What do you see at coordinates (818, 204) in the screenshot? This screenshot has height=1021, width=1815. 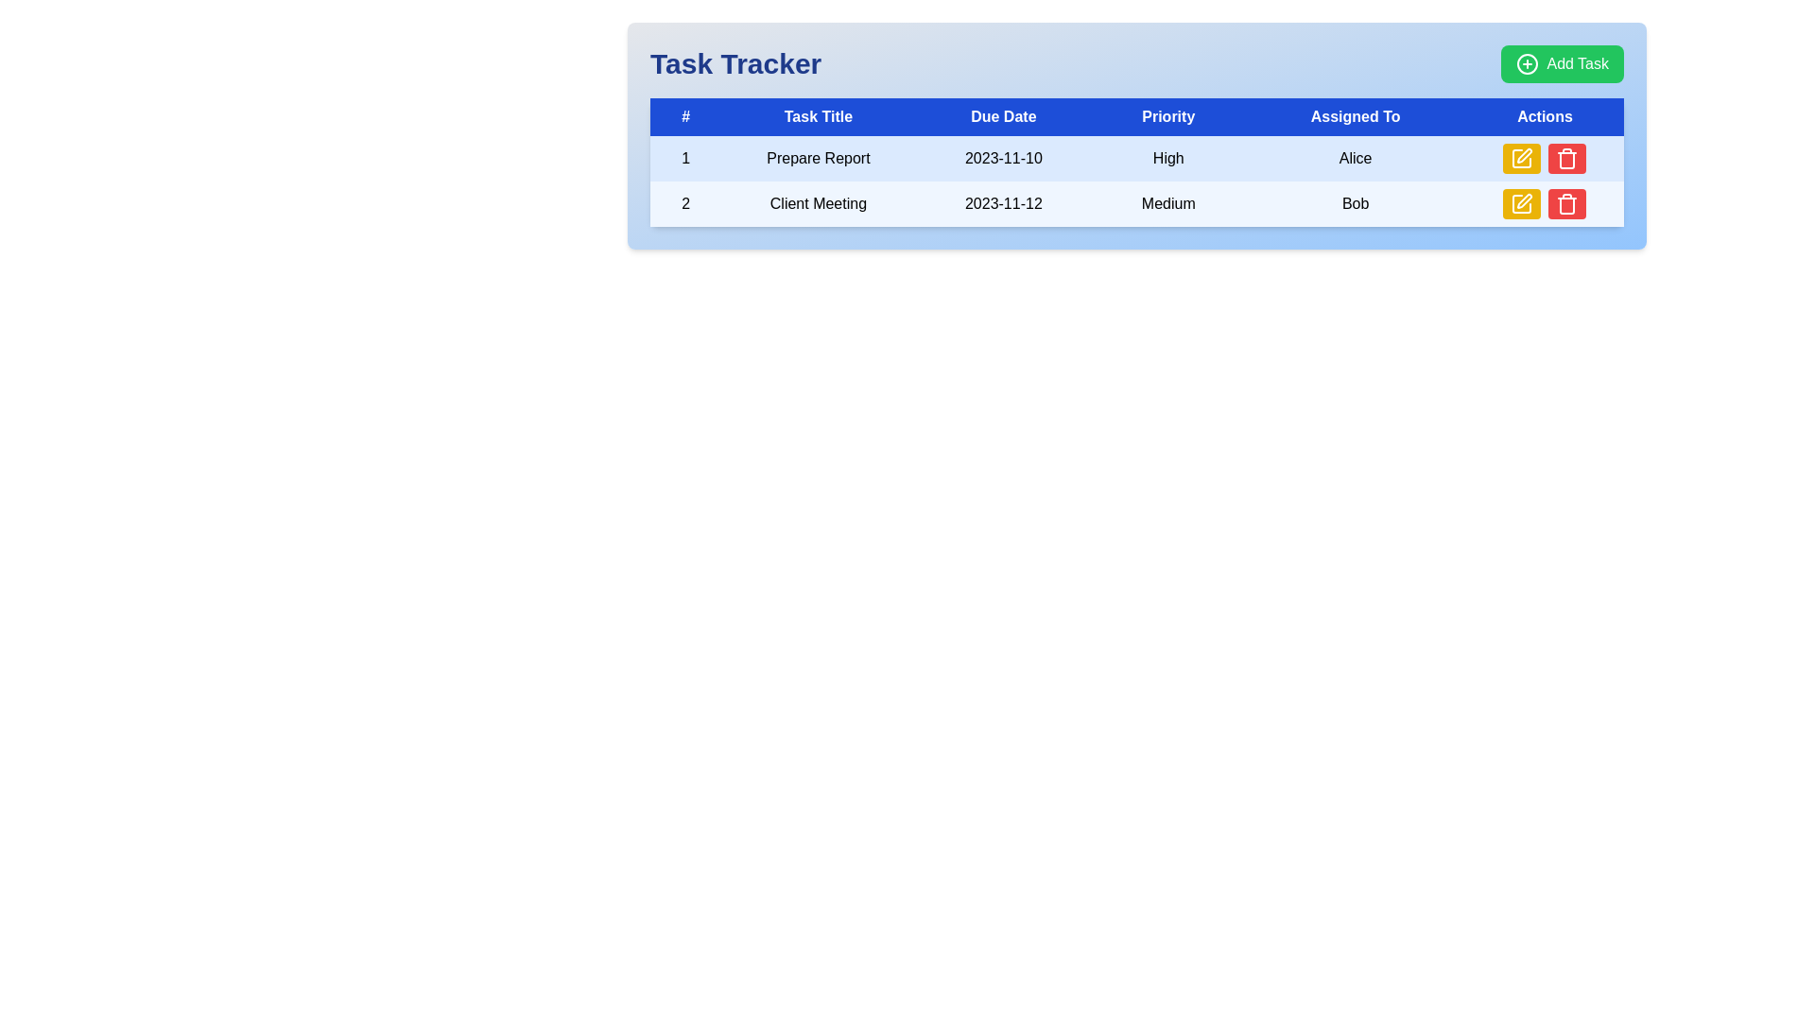 I see `the Text Label that serves as a descriptive title for the task entry with ID '2' in the 'Task Title' column` at bounding box center [818, 204].